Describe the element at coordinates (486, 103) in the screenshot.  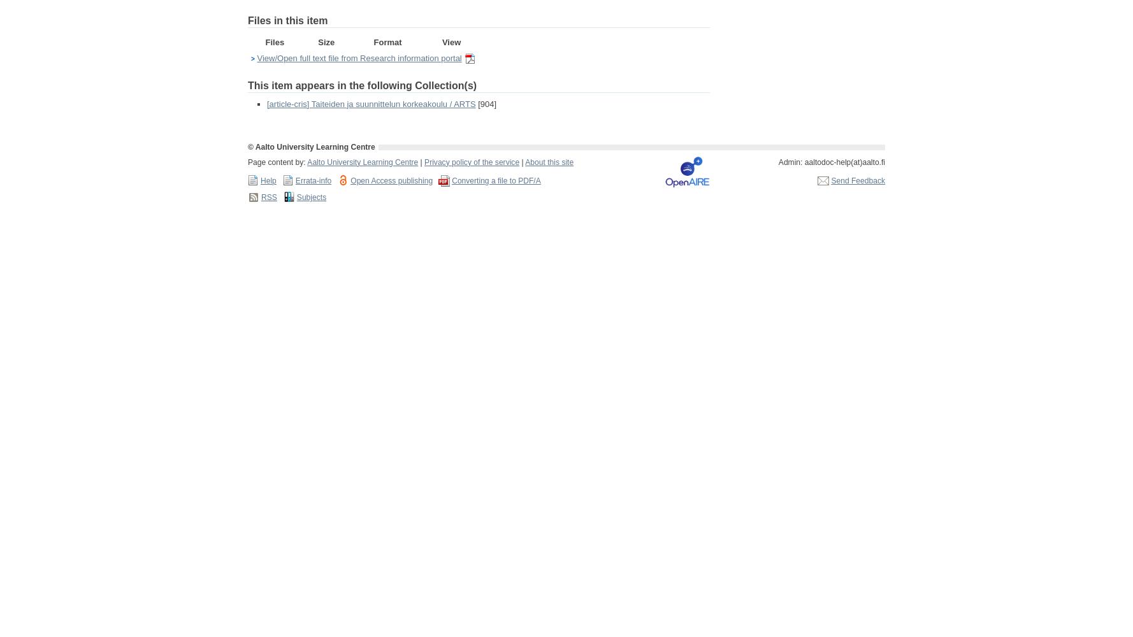
I see `'[904]'` at that location.